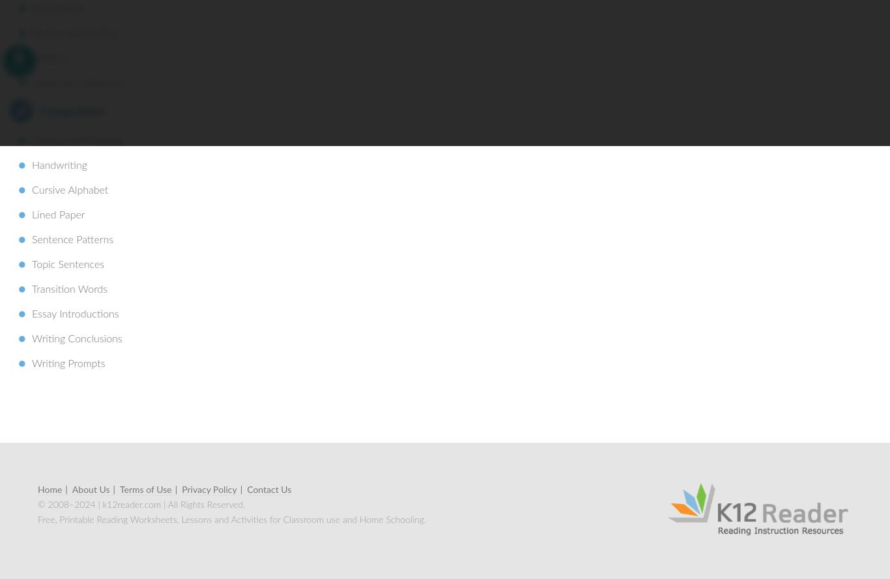 This screenshot has width=890, height=579. Describe the element at coordinates (32, 239) in the screenshot. I see `'Sentence Patterns'` at that location.